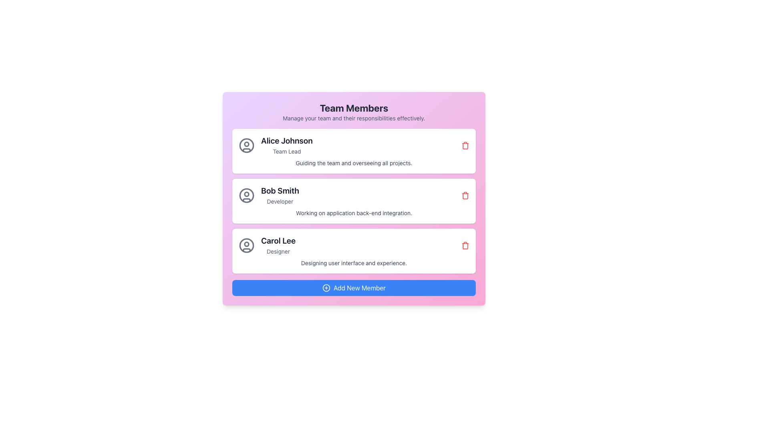 This screenshot has height=432, width=769. I want to click on the outer circular outline of the user profile icon for 'Carol Lee' located in the third card of the team management interface, so click(246, 245).